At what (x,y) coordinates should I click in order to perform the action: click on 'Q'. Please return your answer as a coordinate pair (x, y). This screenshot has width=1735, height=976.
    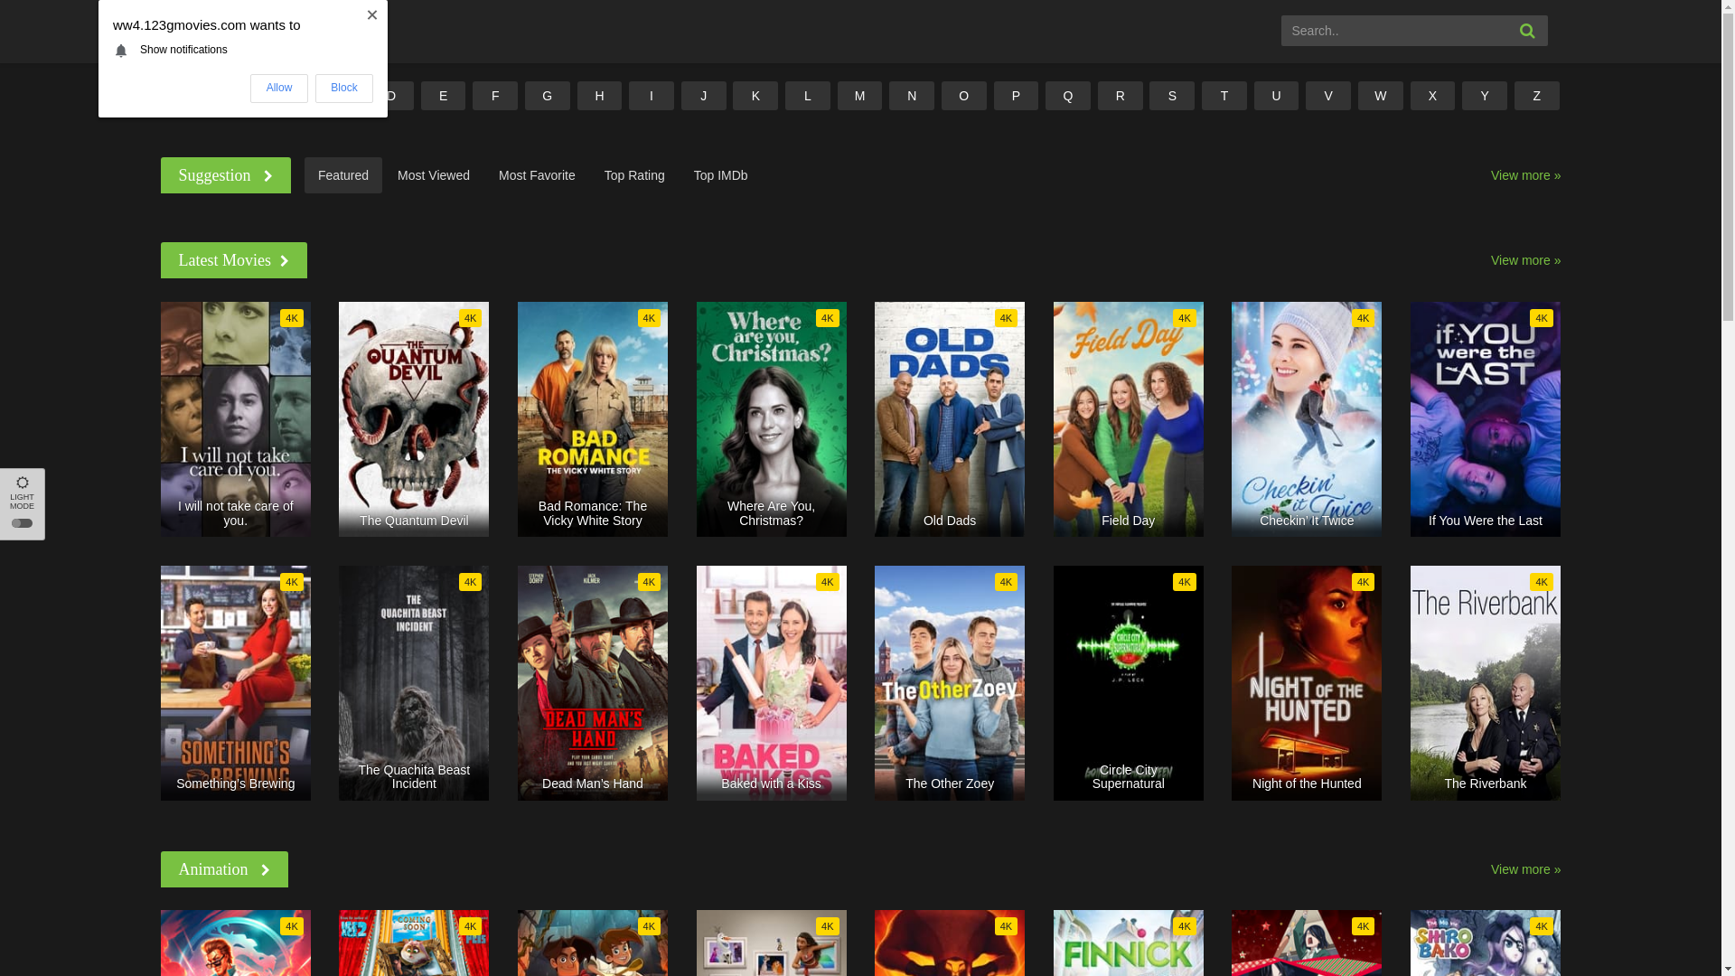
    Looking at the image, I should click on (1067, 95).